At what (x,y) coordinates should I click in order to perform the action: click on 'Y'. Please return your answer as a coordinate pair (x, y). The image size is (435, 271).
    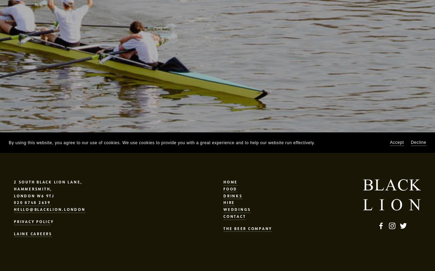
    Looking at the image, I should click on (52, 221).